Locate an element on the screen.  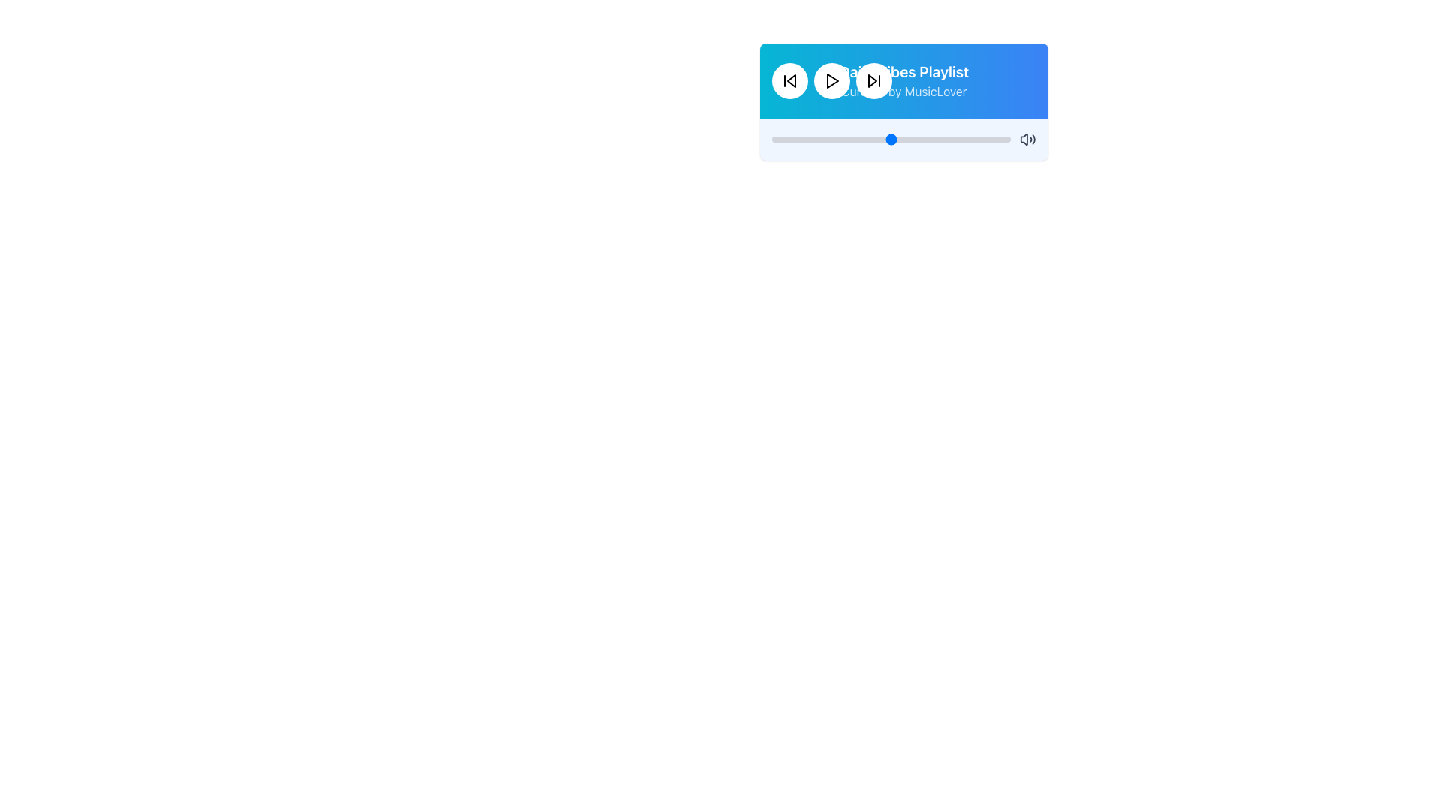
the circular skip-forward button with a white background and black outline, located on the far right side of a row of buttons is located at coordinates (873, 81).